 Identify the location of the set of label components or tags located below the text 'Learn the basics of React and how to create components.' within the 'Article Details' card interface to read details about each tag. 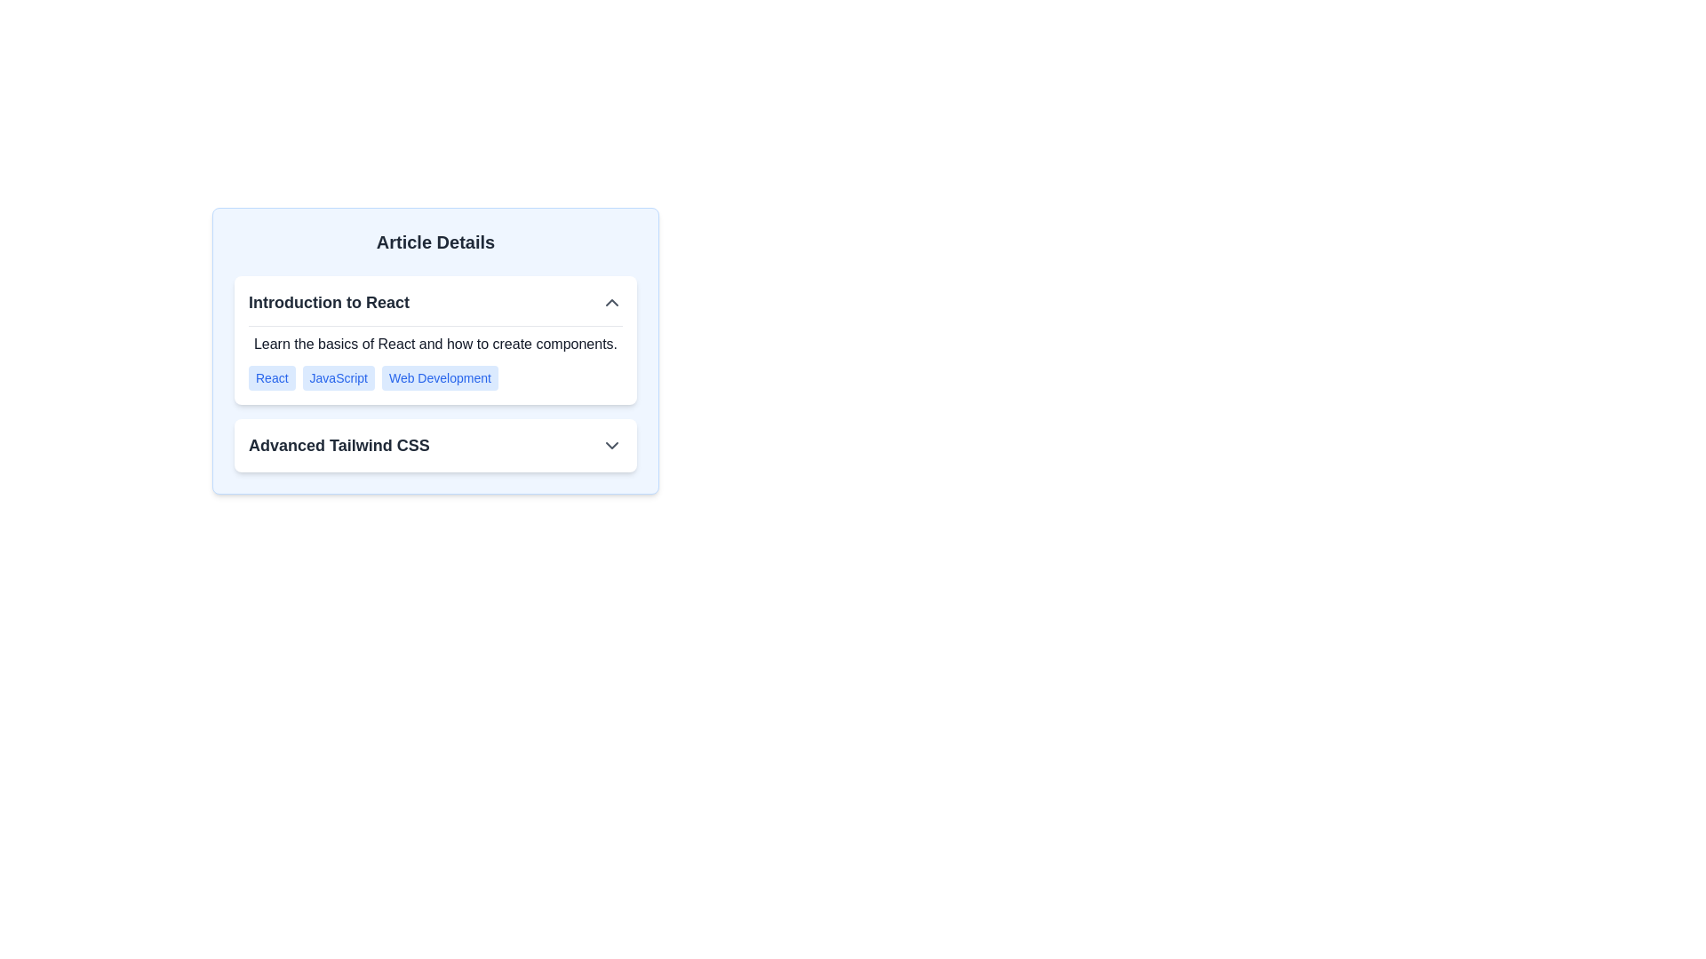
(435, 376).